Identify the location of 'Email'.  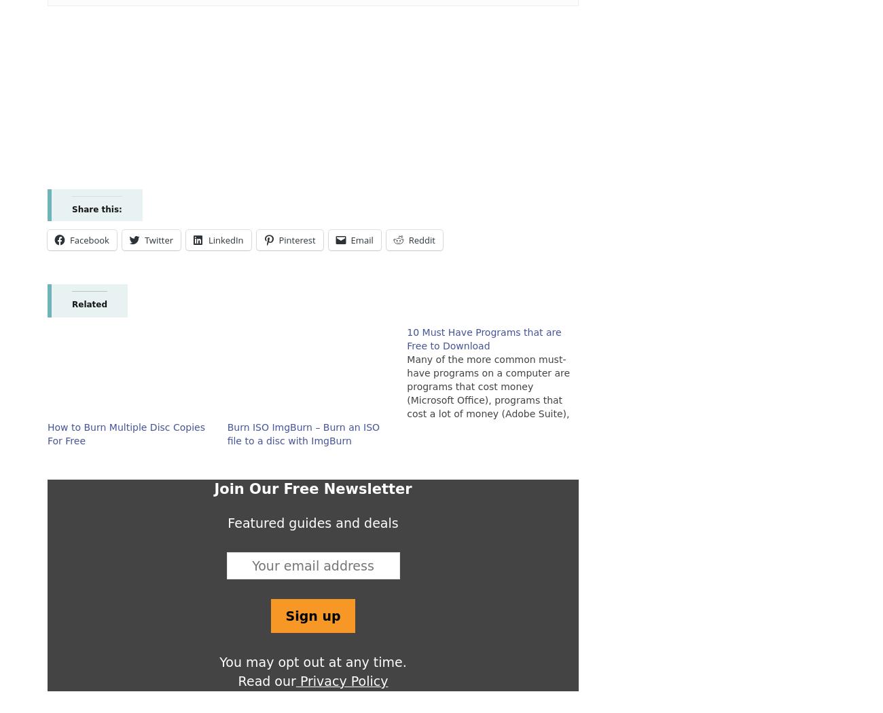
(361, 239).